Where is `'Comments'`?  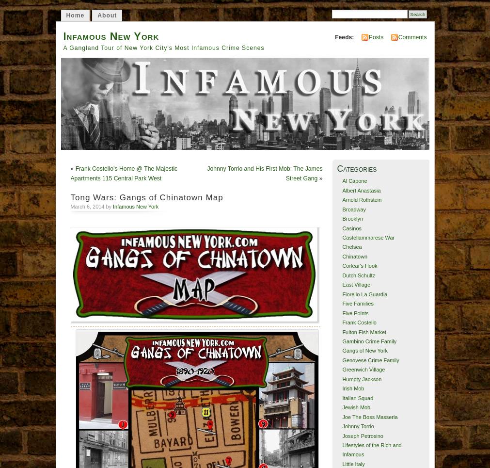
'Comments' is located at coordinates (397, 36).